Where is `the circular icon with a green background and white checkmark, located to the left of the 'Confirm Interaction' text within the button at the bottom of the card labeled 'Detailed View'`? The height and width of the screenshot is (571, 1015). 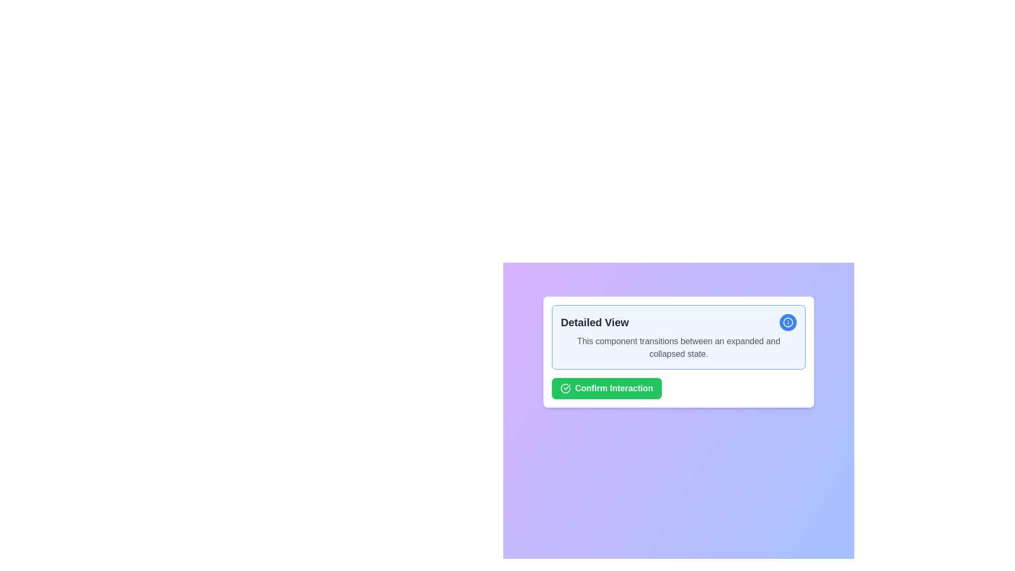
the circular icon with a green background and white checkmark, located to the left of the 'Confirm Interaction' text within the button at the bottom of the card labeled 'Detailed View' is located at coordinates (565, 389).